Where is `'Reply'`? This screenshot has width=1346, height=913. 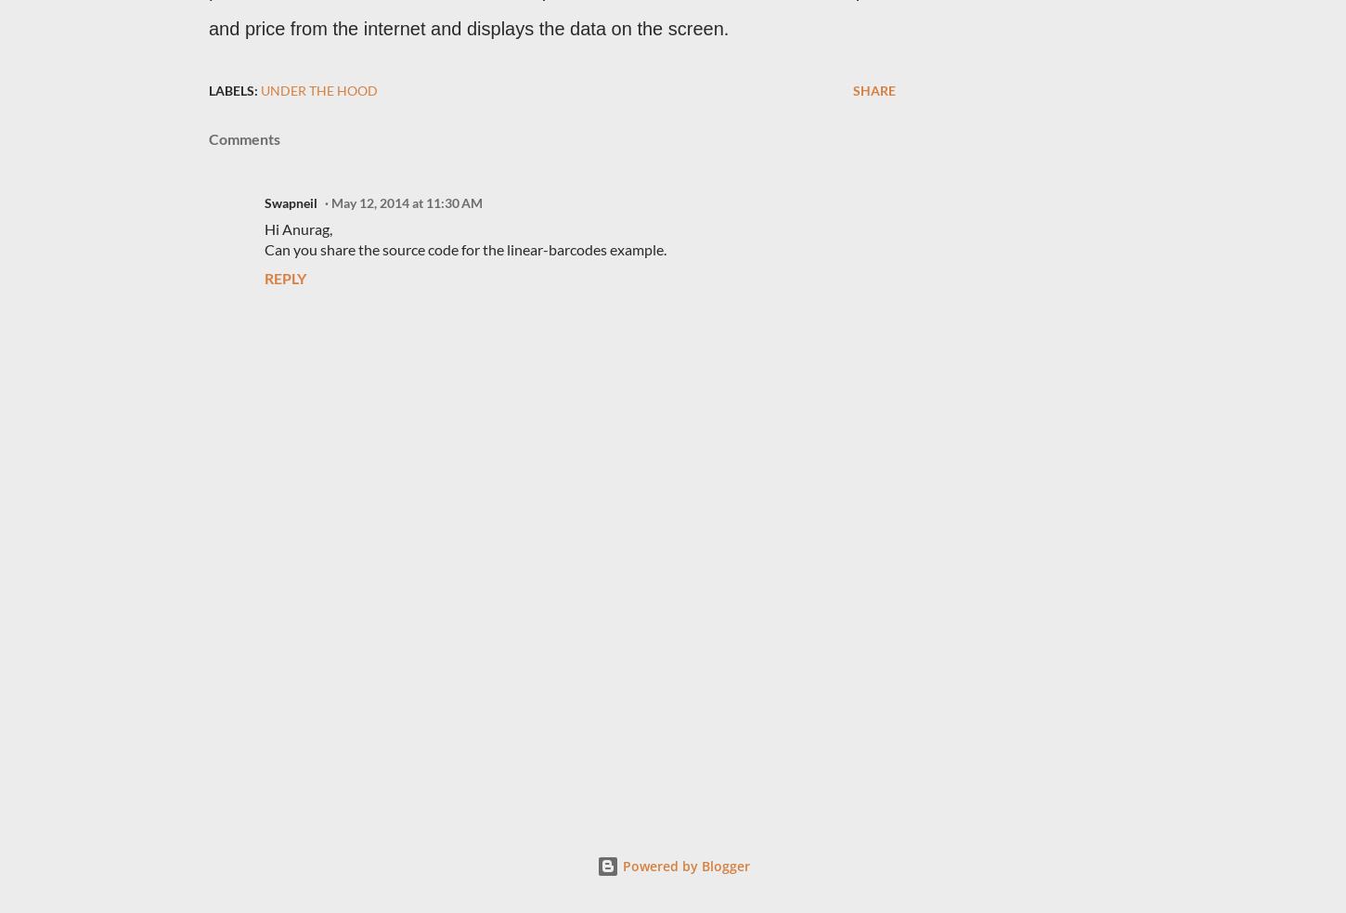
'Reply' is located at coordinates (285, 278).